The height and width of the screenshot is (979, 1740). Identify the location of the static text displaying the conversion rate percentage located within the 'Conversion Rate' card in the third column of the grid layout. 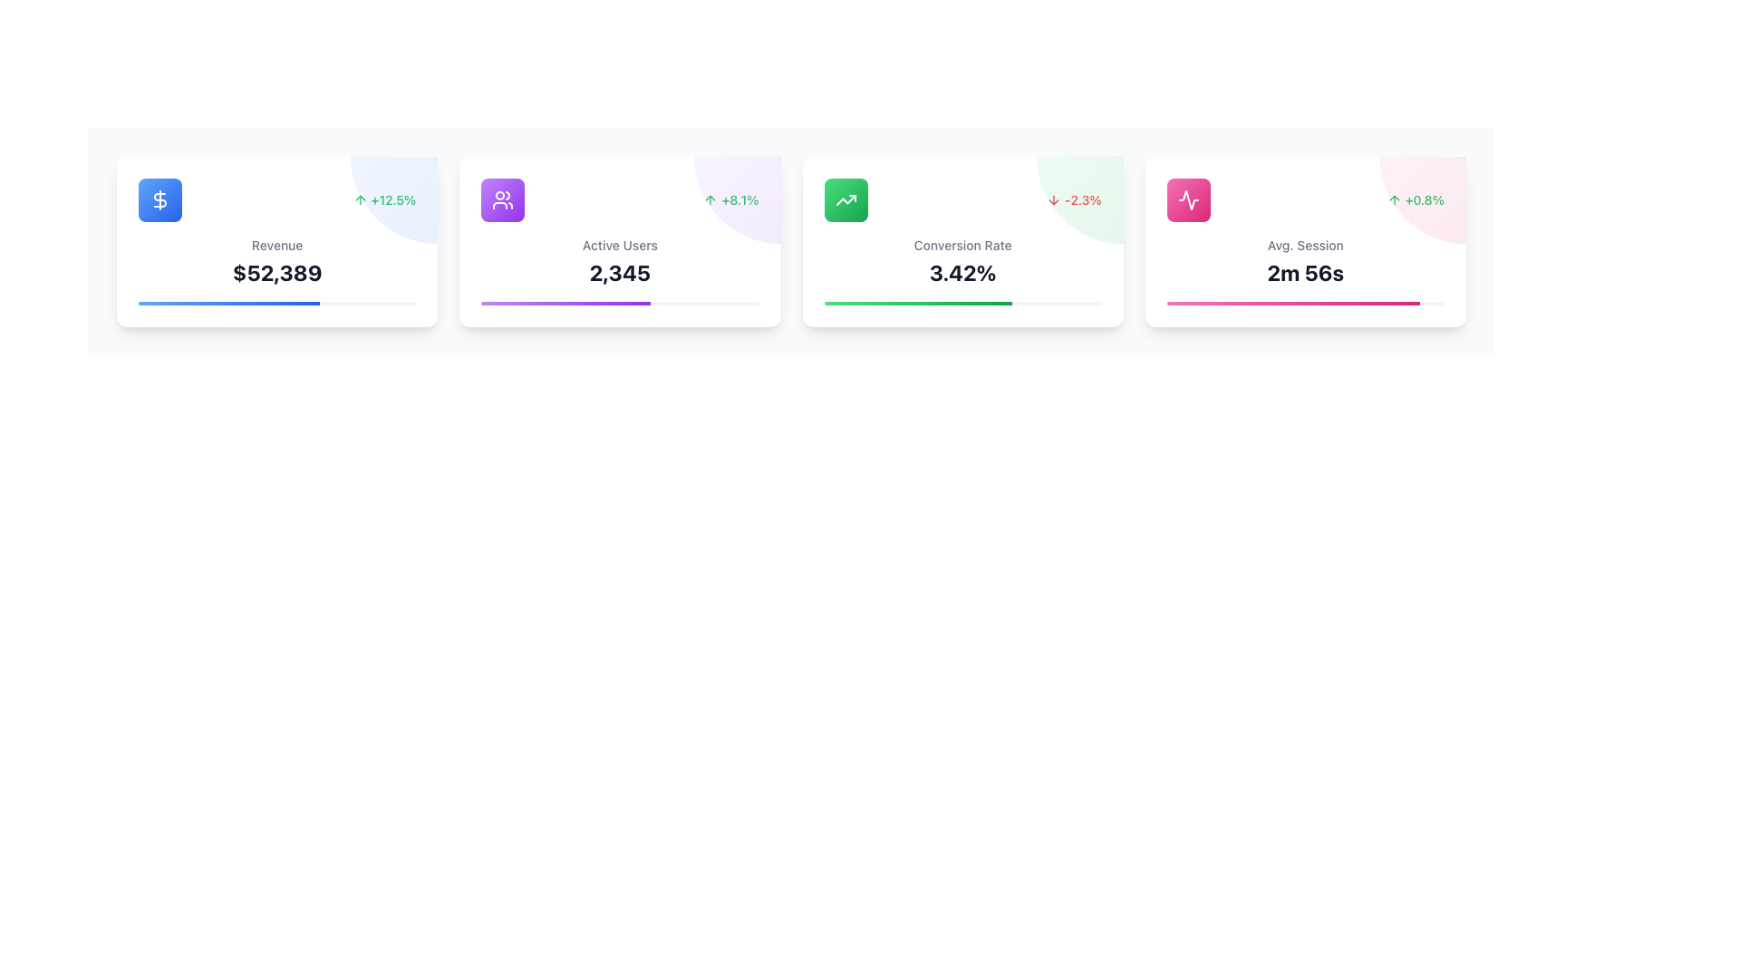
(962, 272).